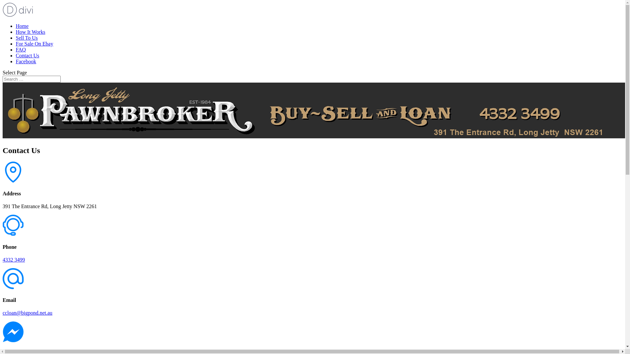  Describe the element at coordinates (31, 79) in the screenshot. I see `'Search for:'` at that location.